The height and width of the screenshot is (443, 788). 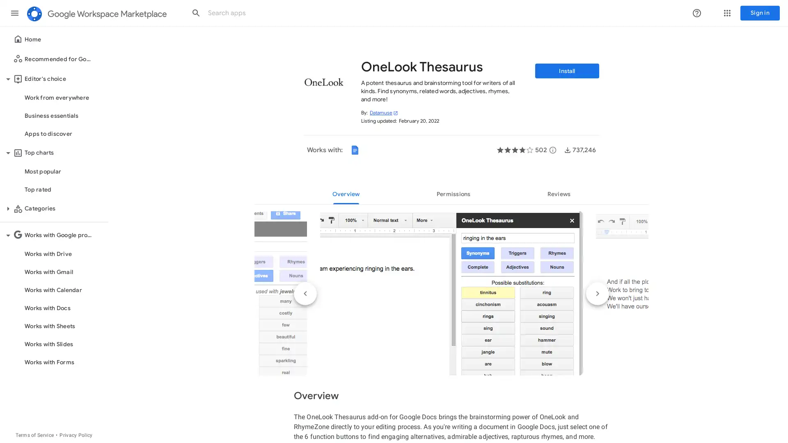 I want to click on Next, so click(x=597, y=293).